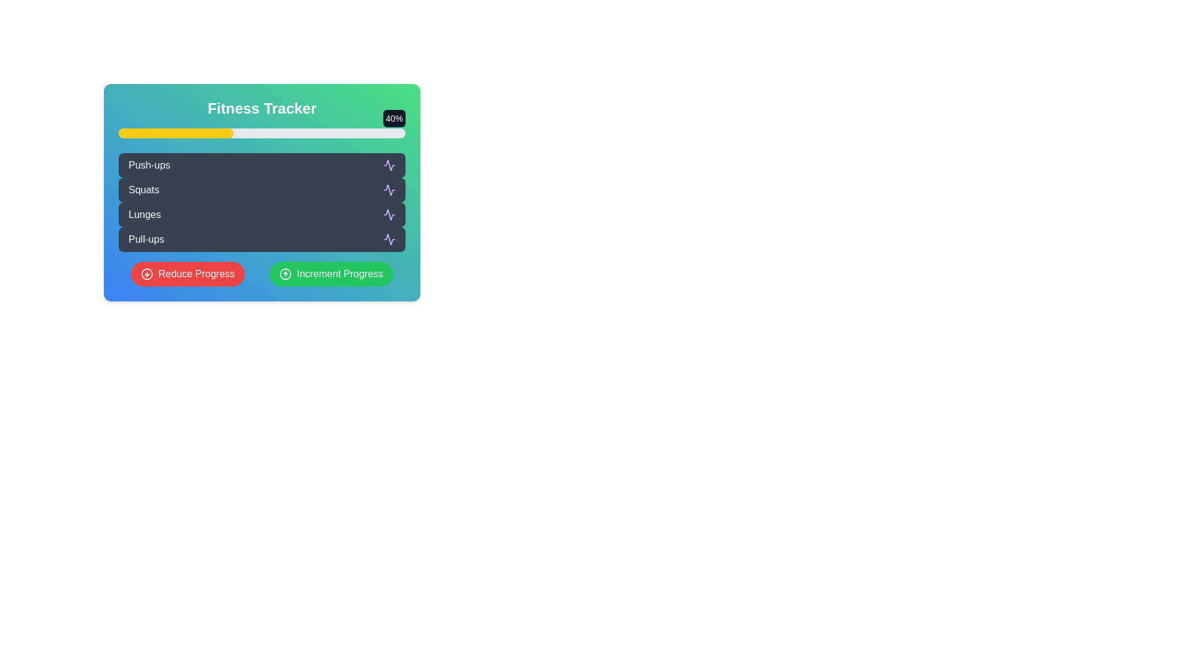 This screenshot has height=667, width=1187. What do you see at coordinates (146, 240) in the screenshot?
I see `to select or interact with the 'Pull-ups' entry, which is the fourth item in the list of exercises positioned below 'Lunges'` at bounding box center [146, 240].